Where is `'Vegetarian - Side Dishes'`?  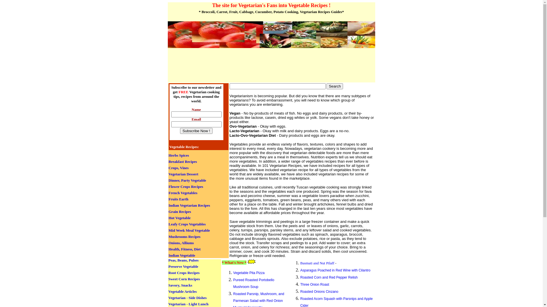
'Vegetarian - Side Dishes' is located at coordinates (187, 297).